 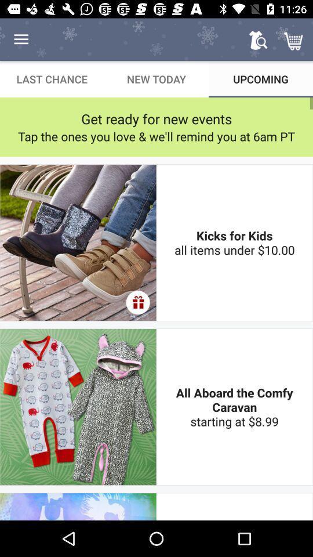 I want to click on all aboard the, so click(x=234, y=407).